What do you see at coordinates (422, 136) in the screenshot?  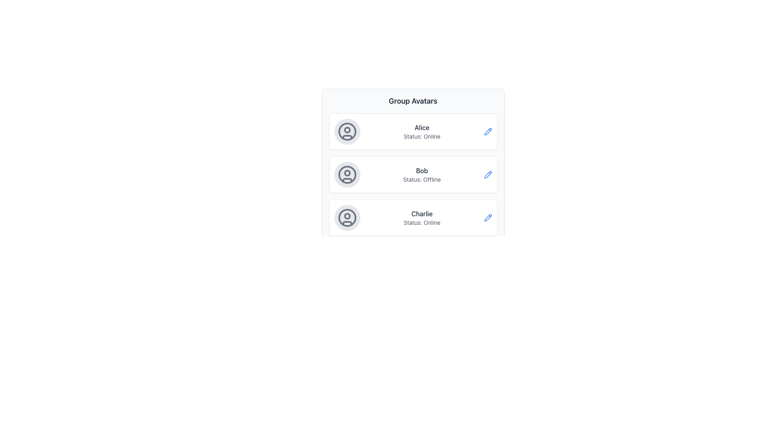 I see `the static text label displaying 'Status: Online', which is located below the name 'Alice' in the first list item` at bounding box center [422, 136].